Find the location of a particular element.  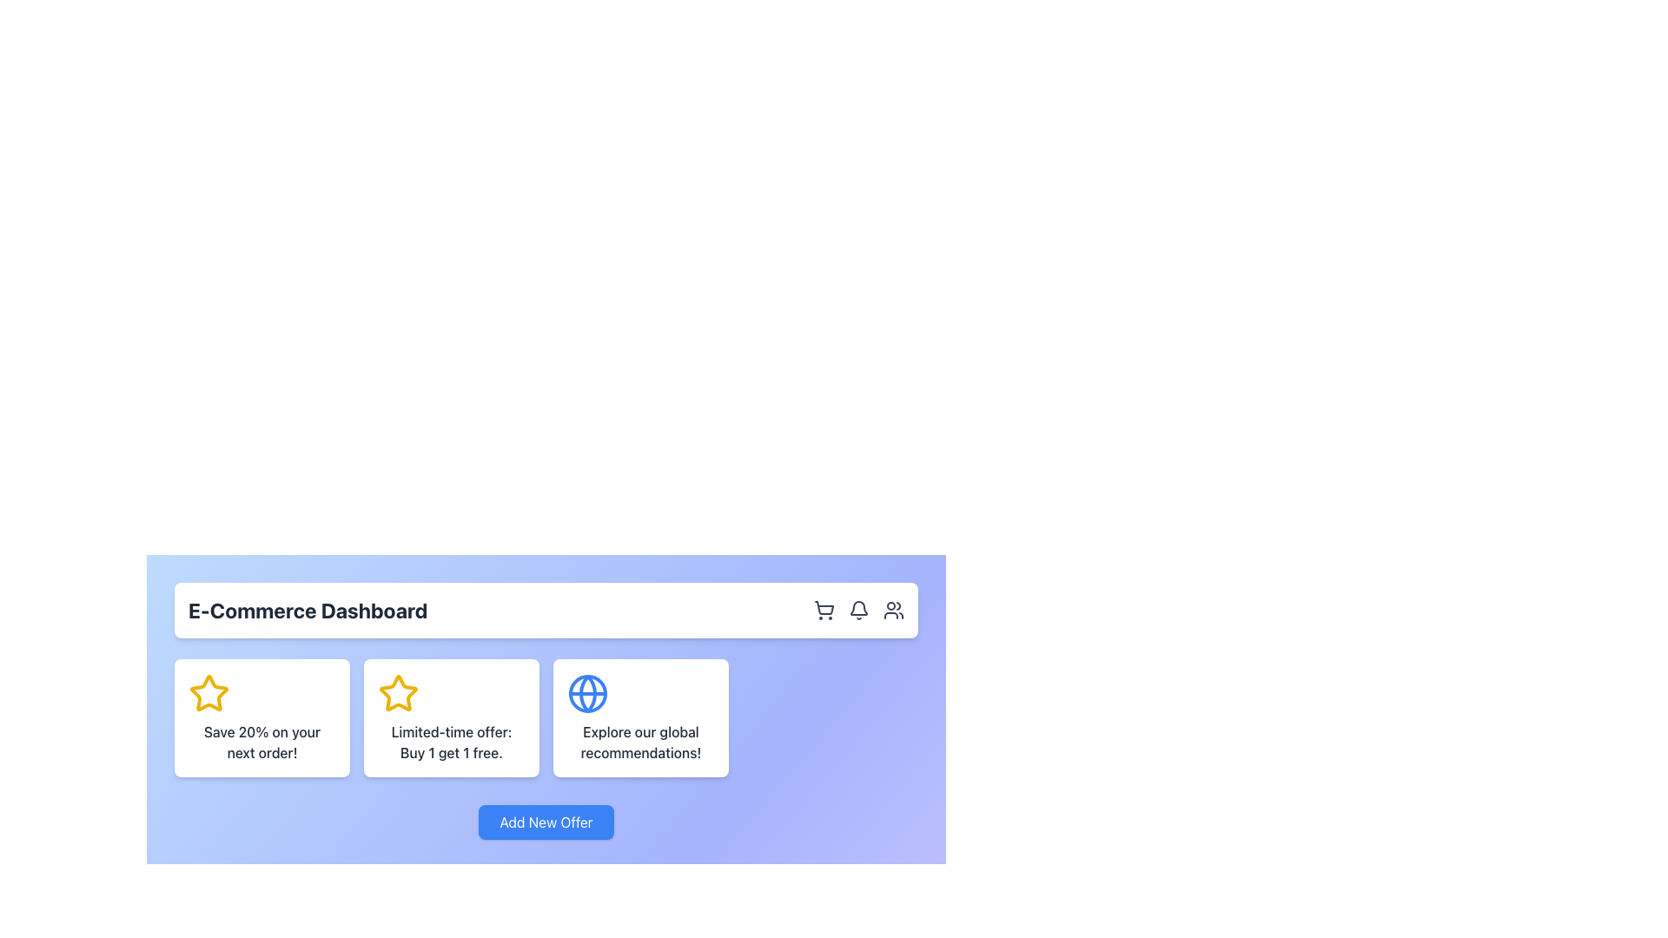

the notification icon located between the shopping cart icon and the user profile icon on the E-Commerce Dashboard is located at coordinates (858, 609).